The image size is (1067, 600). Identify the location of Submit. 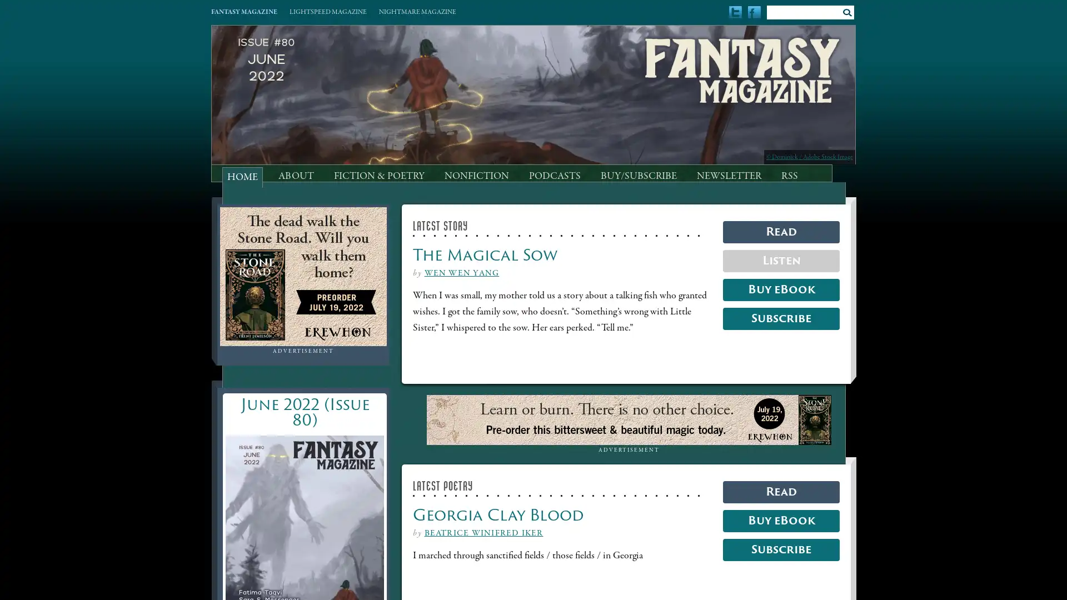
(861, 12).